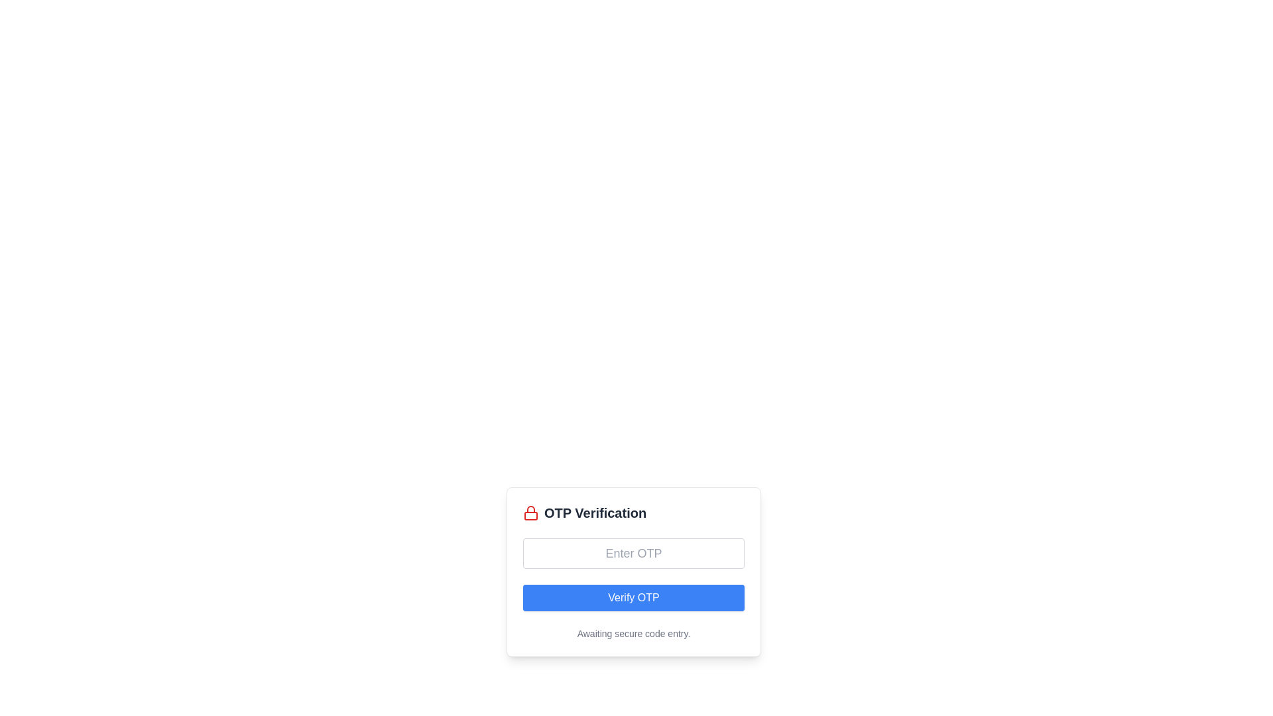  What do you see at coordinates (531, 515) in the screenshot?
I see `the rectangular area located within the lock icon in the OTP Verification modal, which serves as the lock's main body and has rounded corners` at bounding box center [531, 515].